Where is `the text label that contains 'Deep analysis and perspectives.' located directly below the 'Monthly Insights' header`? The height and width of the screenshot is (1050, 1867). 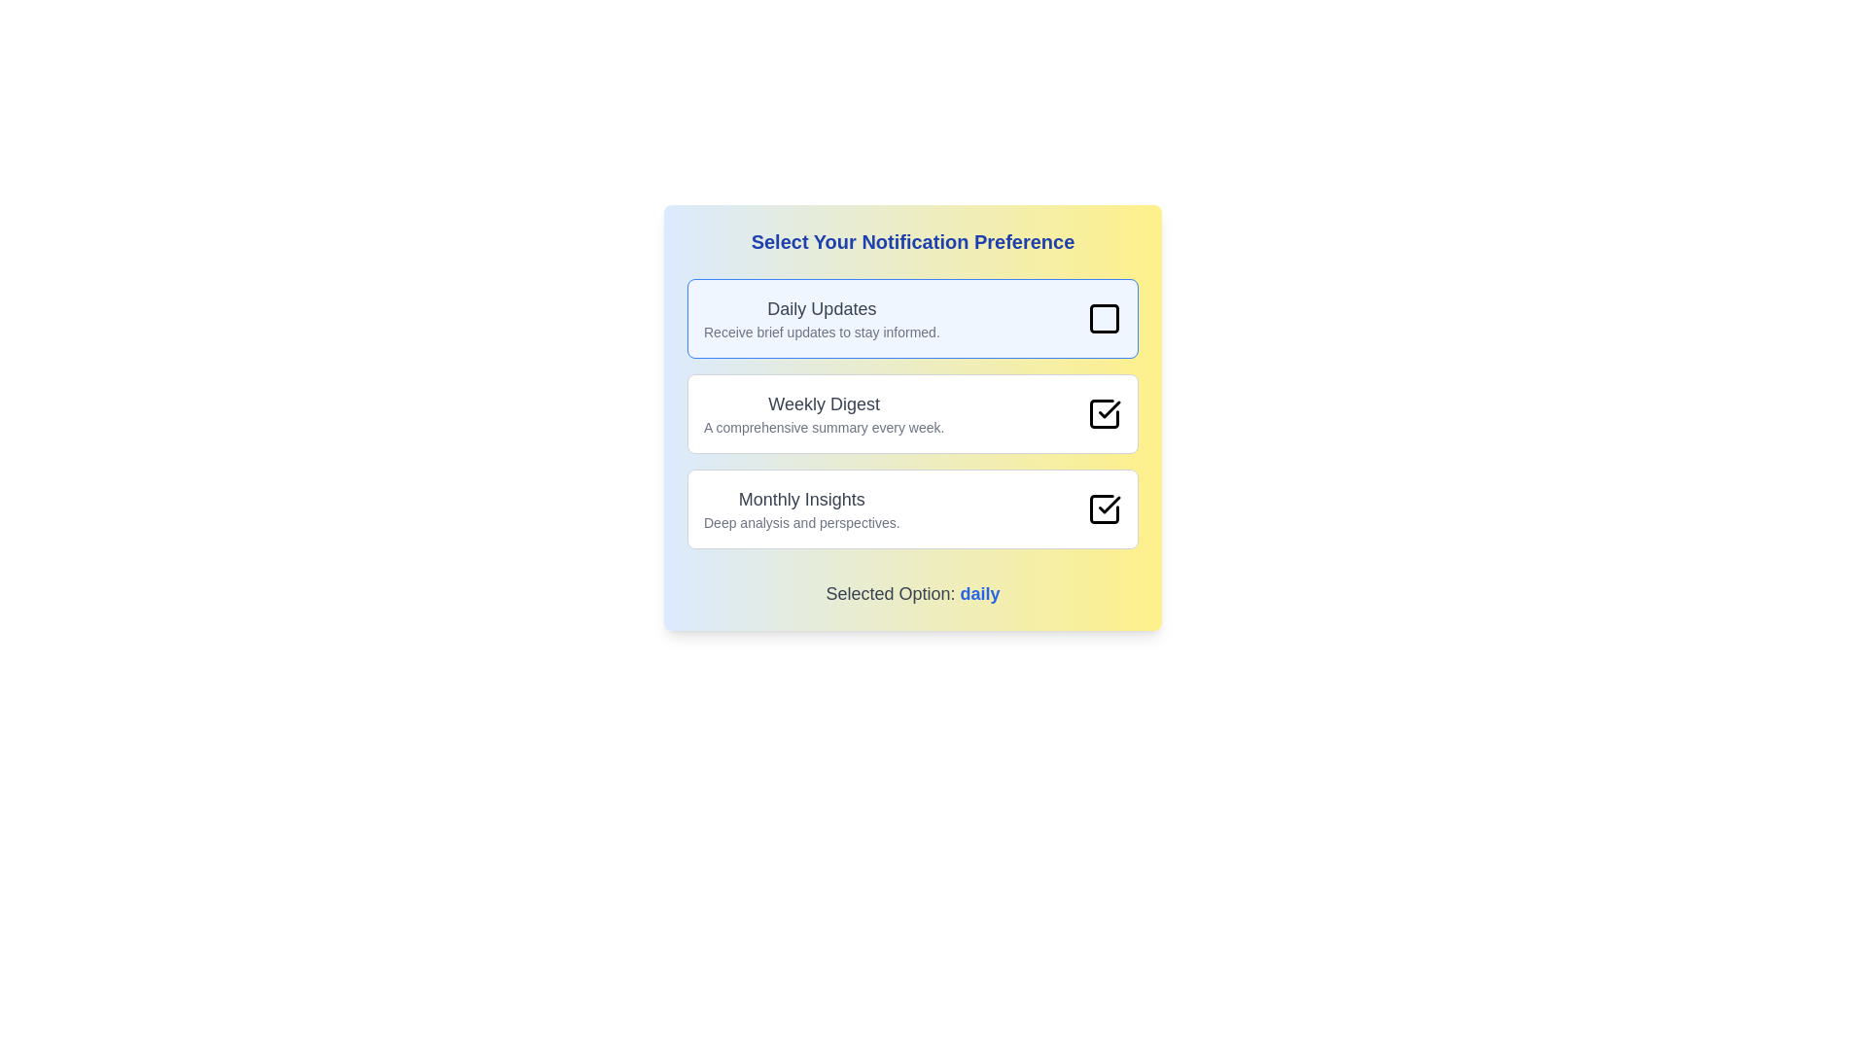
the text label that contains 'Deep analysis and perspectives.' located directly below the 'Monthly Insights' header is located at coordinates (801, 521).